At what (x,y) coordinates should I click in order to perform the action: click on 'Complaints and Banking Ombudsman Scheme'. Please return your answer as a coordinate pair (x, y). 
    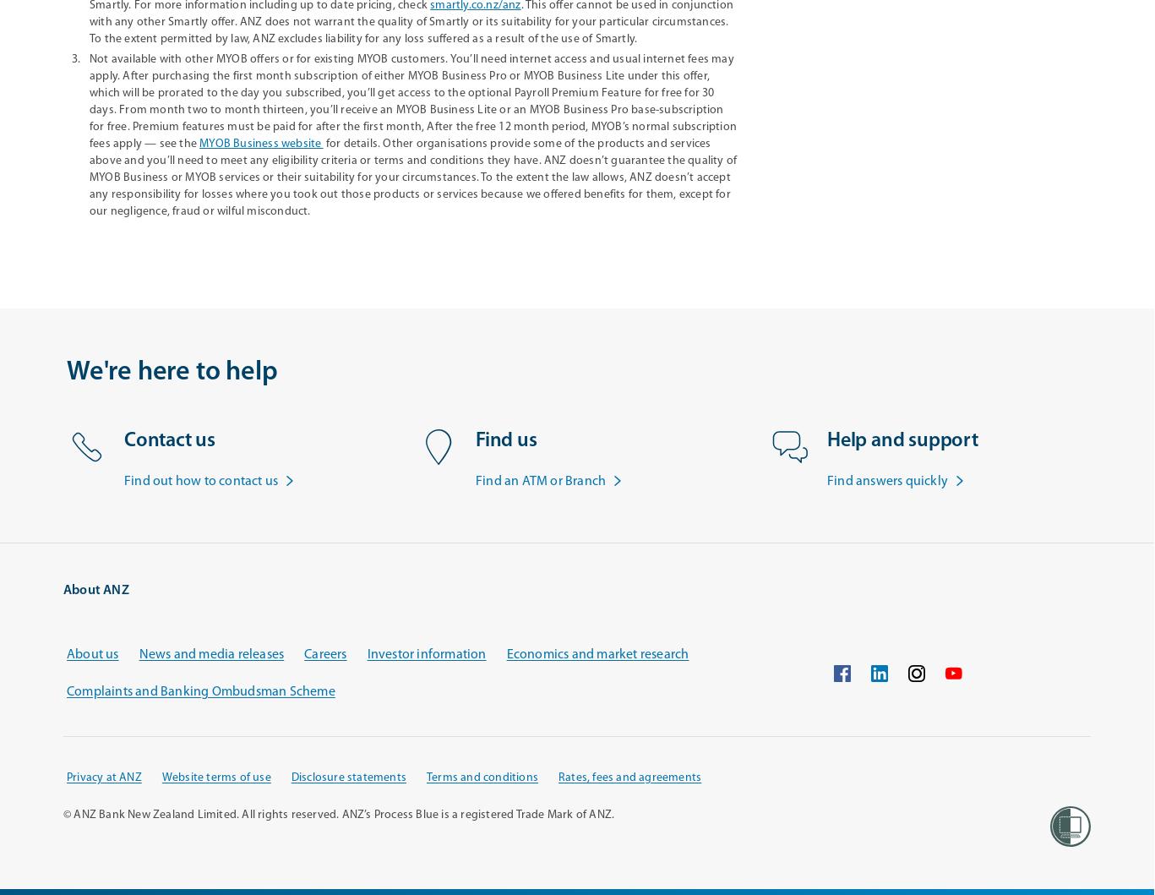
    Looking at the image, I should click on (199, 691).